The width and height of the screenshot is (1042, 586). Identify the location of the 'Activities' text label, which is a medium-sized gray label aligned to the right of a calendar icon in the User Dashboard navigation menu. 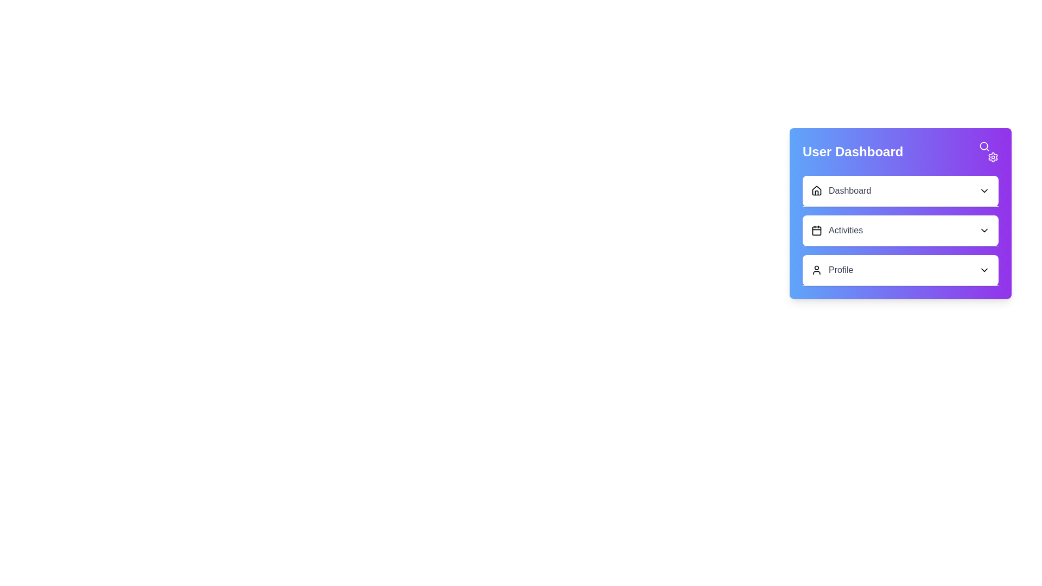
(845, 230).